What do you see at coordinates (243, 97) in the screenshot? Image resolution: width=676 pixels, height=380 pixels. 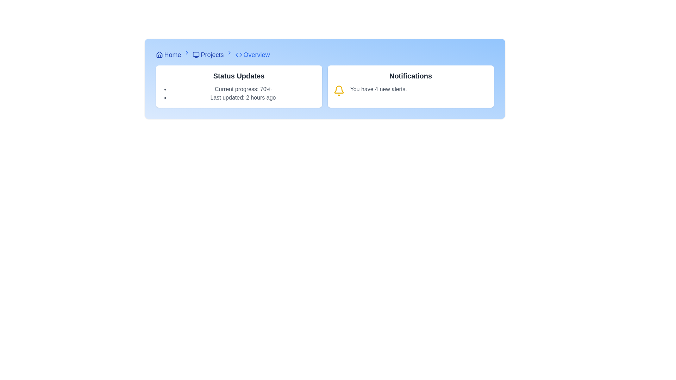 I see `the informational update timestamp label, which is the second item in the 'Status Updates' section below 'Current progress: 70%.'` at bounding box center [243, 97].